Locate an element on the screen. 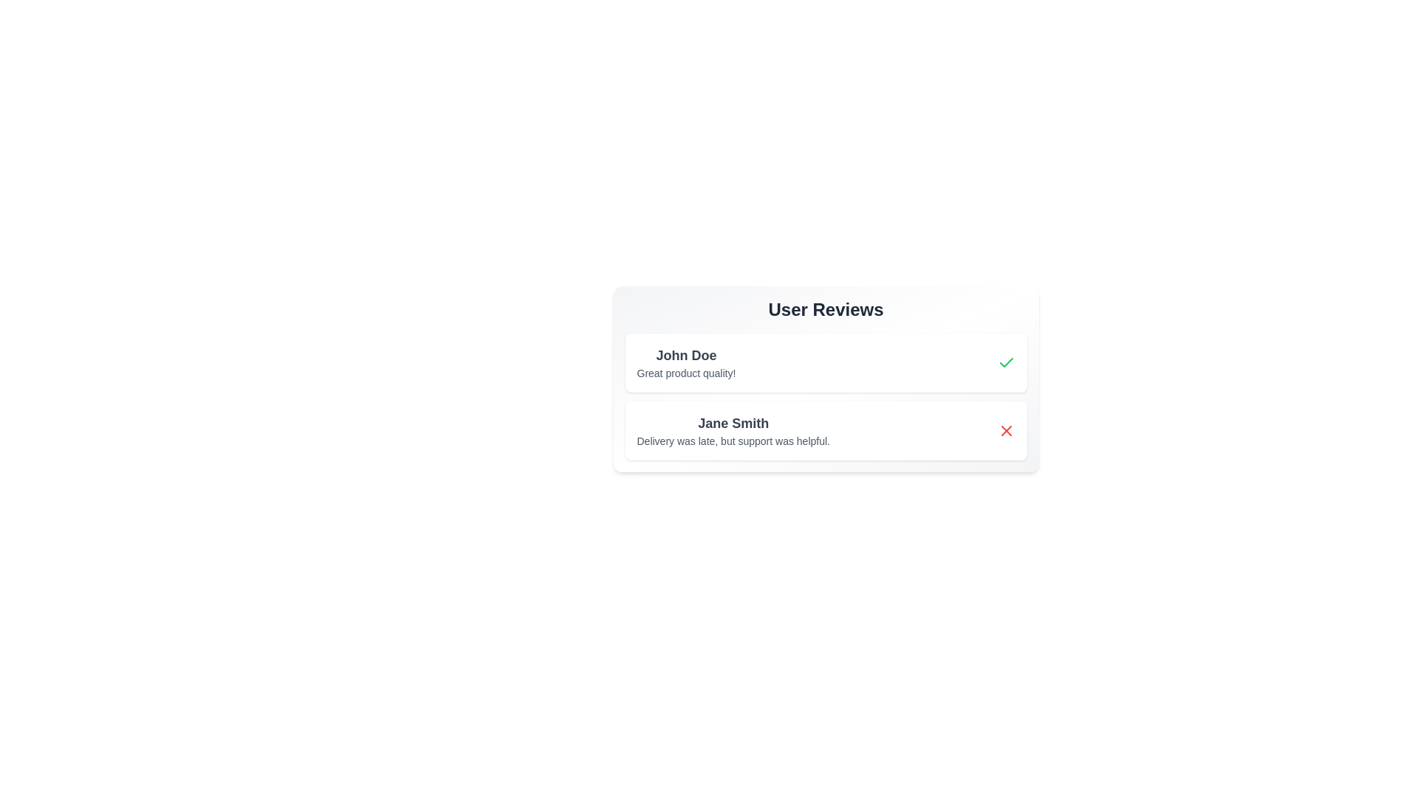 Image resolution: width=1418 pixels, height=797 pixels. the text display element that shows 'Jane Smith', which is styled in bold dark gray font and positioned above the user review text is located at coordinates (733, 424).